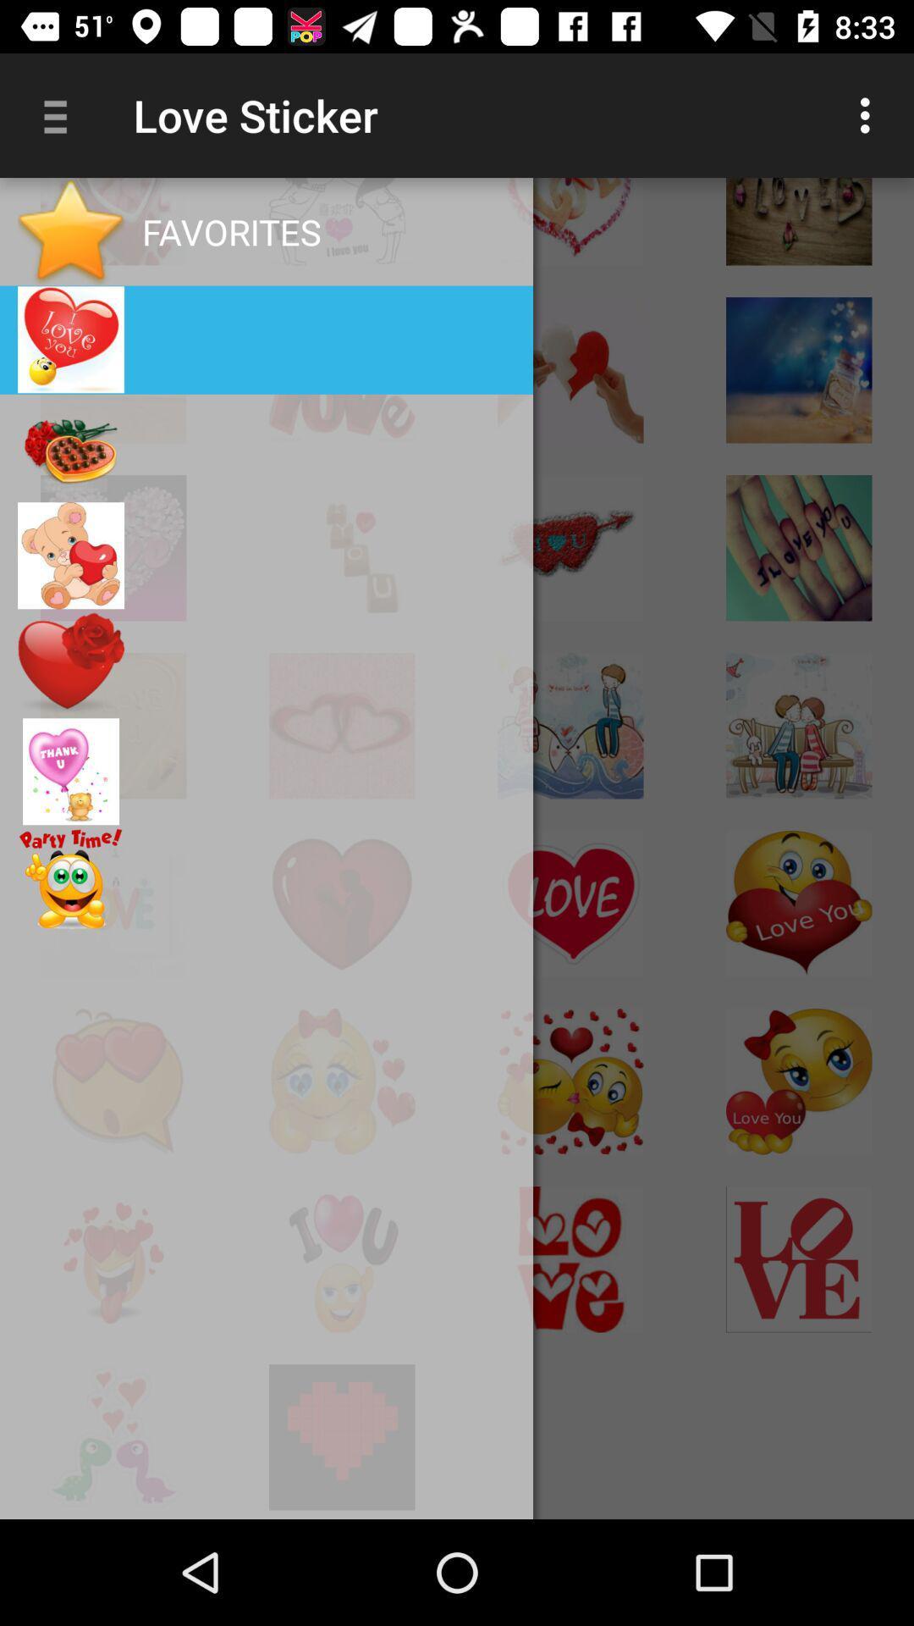 The width and height of the screenshot is (914, 1626). I want to click on the third image from the last second row, so click(570, 1259).